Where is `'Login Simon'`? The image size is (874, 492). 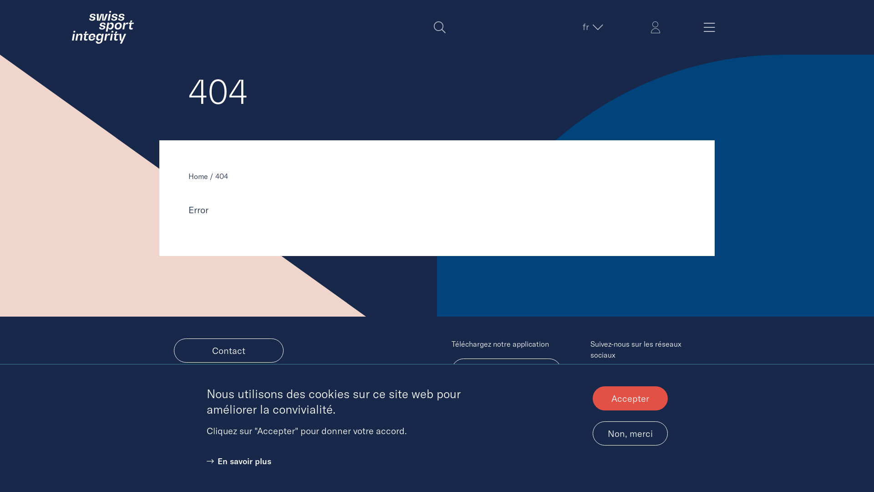
'Login Simon' is located at coordinates (655, 27).